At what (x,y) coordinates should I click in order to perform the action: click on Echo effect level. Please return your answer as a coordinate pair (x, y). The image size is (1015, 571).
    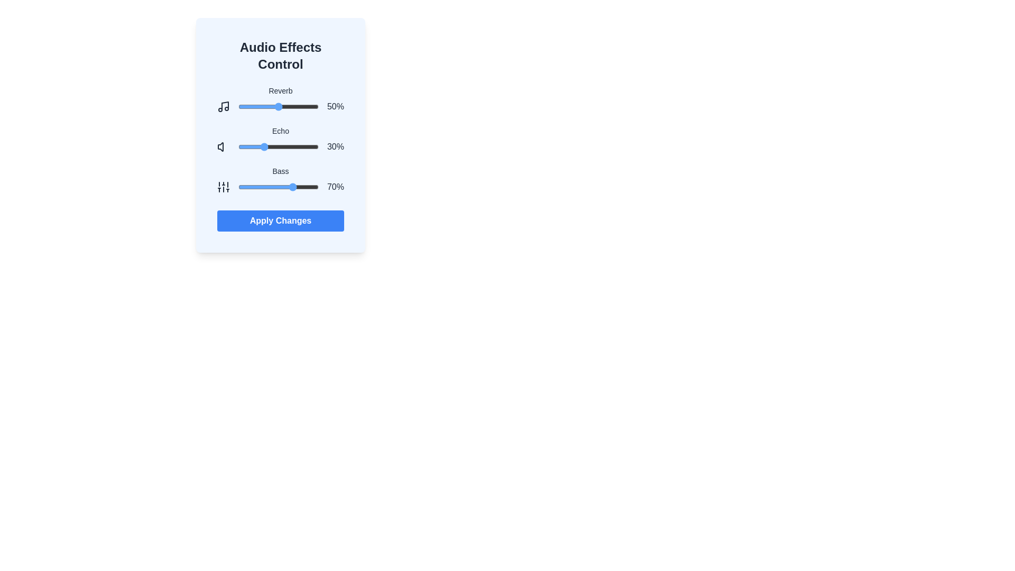
    Looking at the image, I should click on (270, 146).